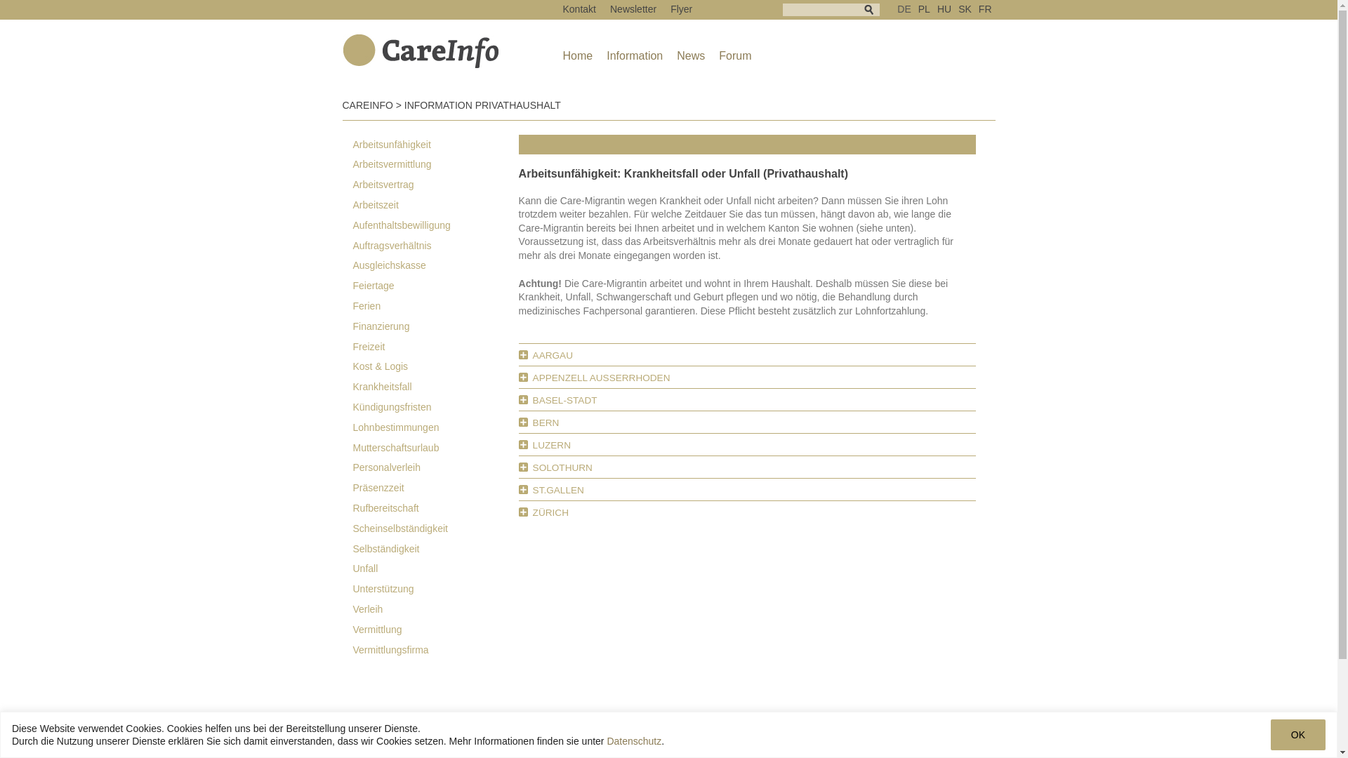 Image resolution: width=1348 pixels, height=758 pixels. What do you see at coordinates (343, 448) in the screenshot?
I see `'Mutterschaftsurlaub'` at bounding box center [343, 448].